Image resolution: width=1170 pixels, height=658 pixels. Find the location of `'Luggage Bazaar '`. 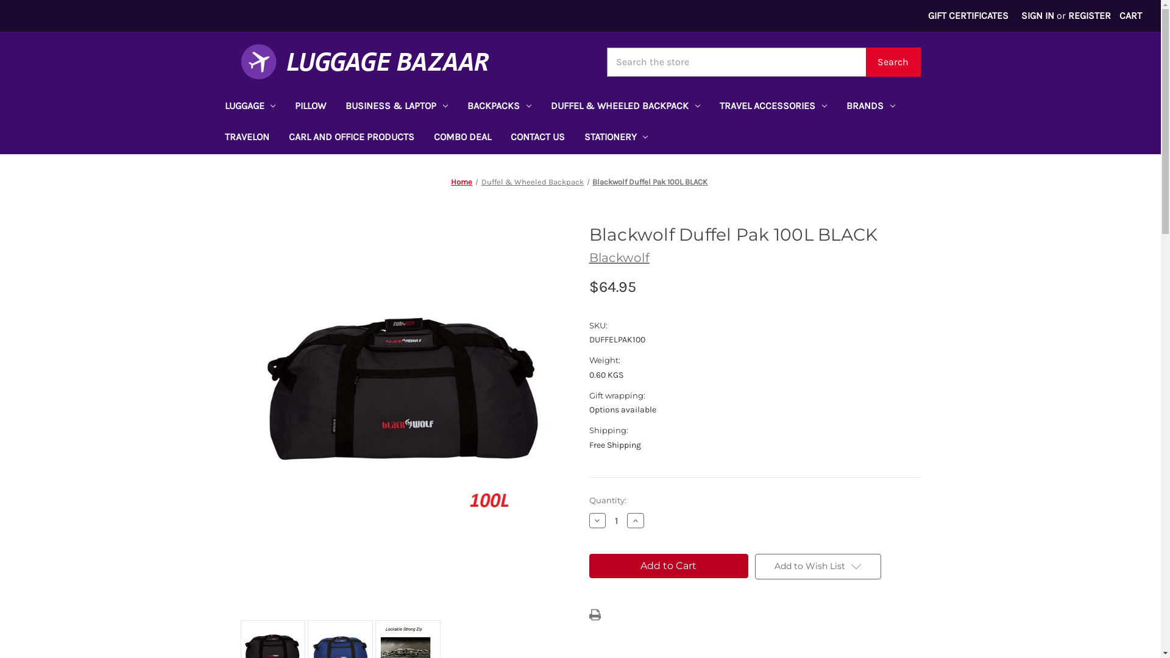

'Luggage Bazaar ' is located at coordinates (364, 62).